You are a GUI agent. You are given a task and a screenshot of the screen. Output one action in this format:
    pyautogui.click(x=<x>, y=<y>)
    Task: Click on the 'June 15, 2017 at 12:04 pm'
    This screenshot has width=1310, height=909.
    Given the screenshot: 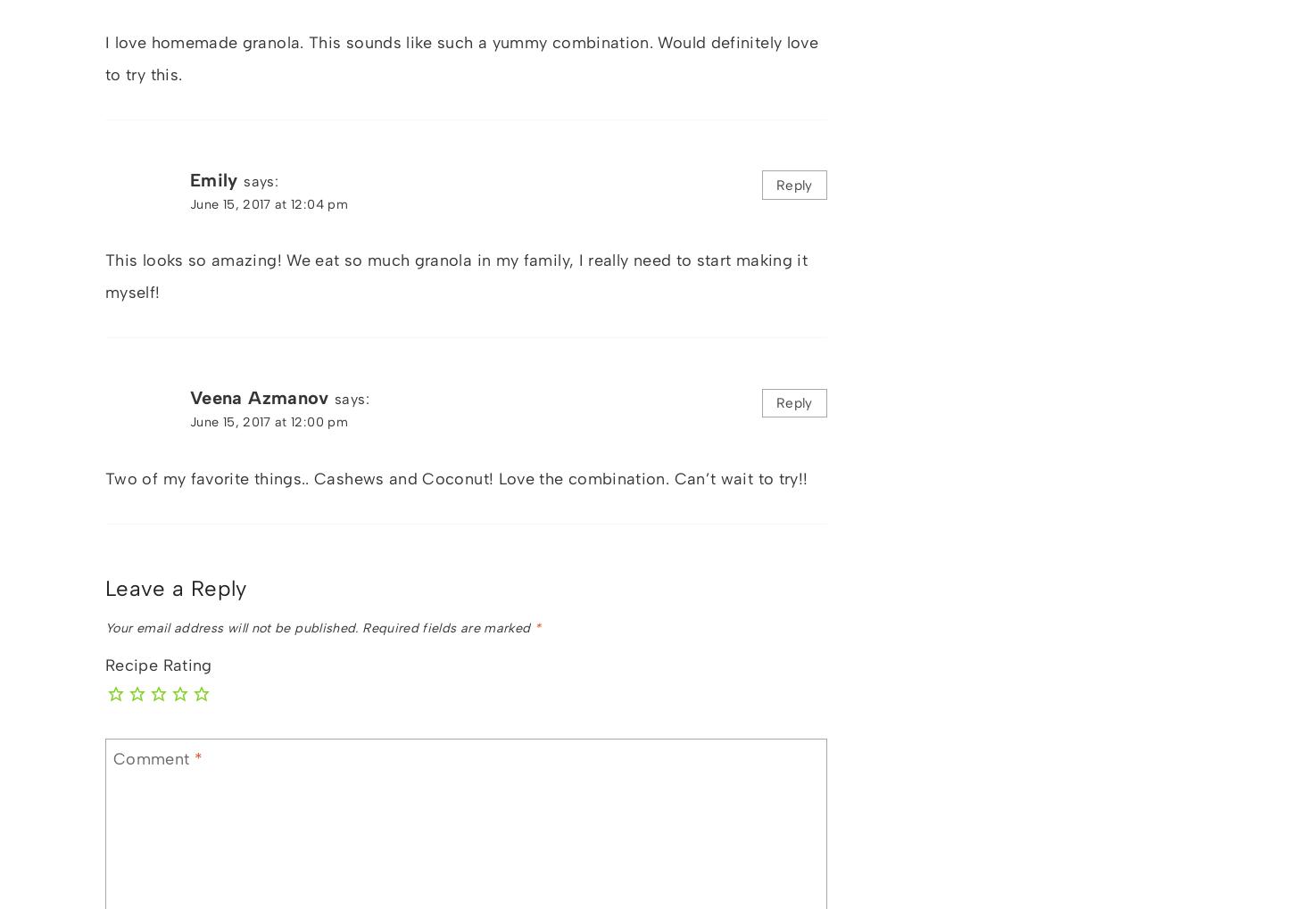 What is the action you would take?
    pyautogui.click(x=268, y=202)
    